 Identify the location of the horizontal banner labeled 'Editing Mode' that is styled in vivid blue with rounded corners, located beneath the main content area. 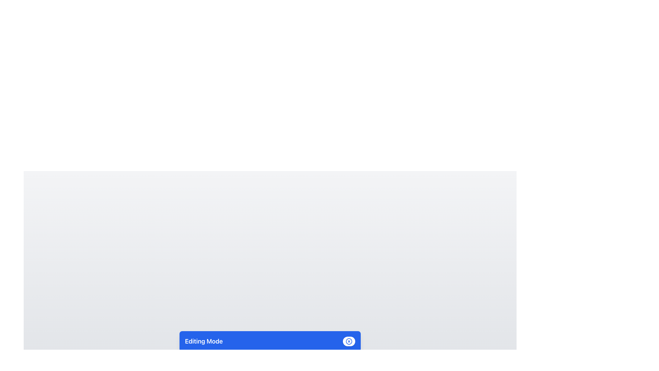
(270, 341).